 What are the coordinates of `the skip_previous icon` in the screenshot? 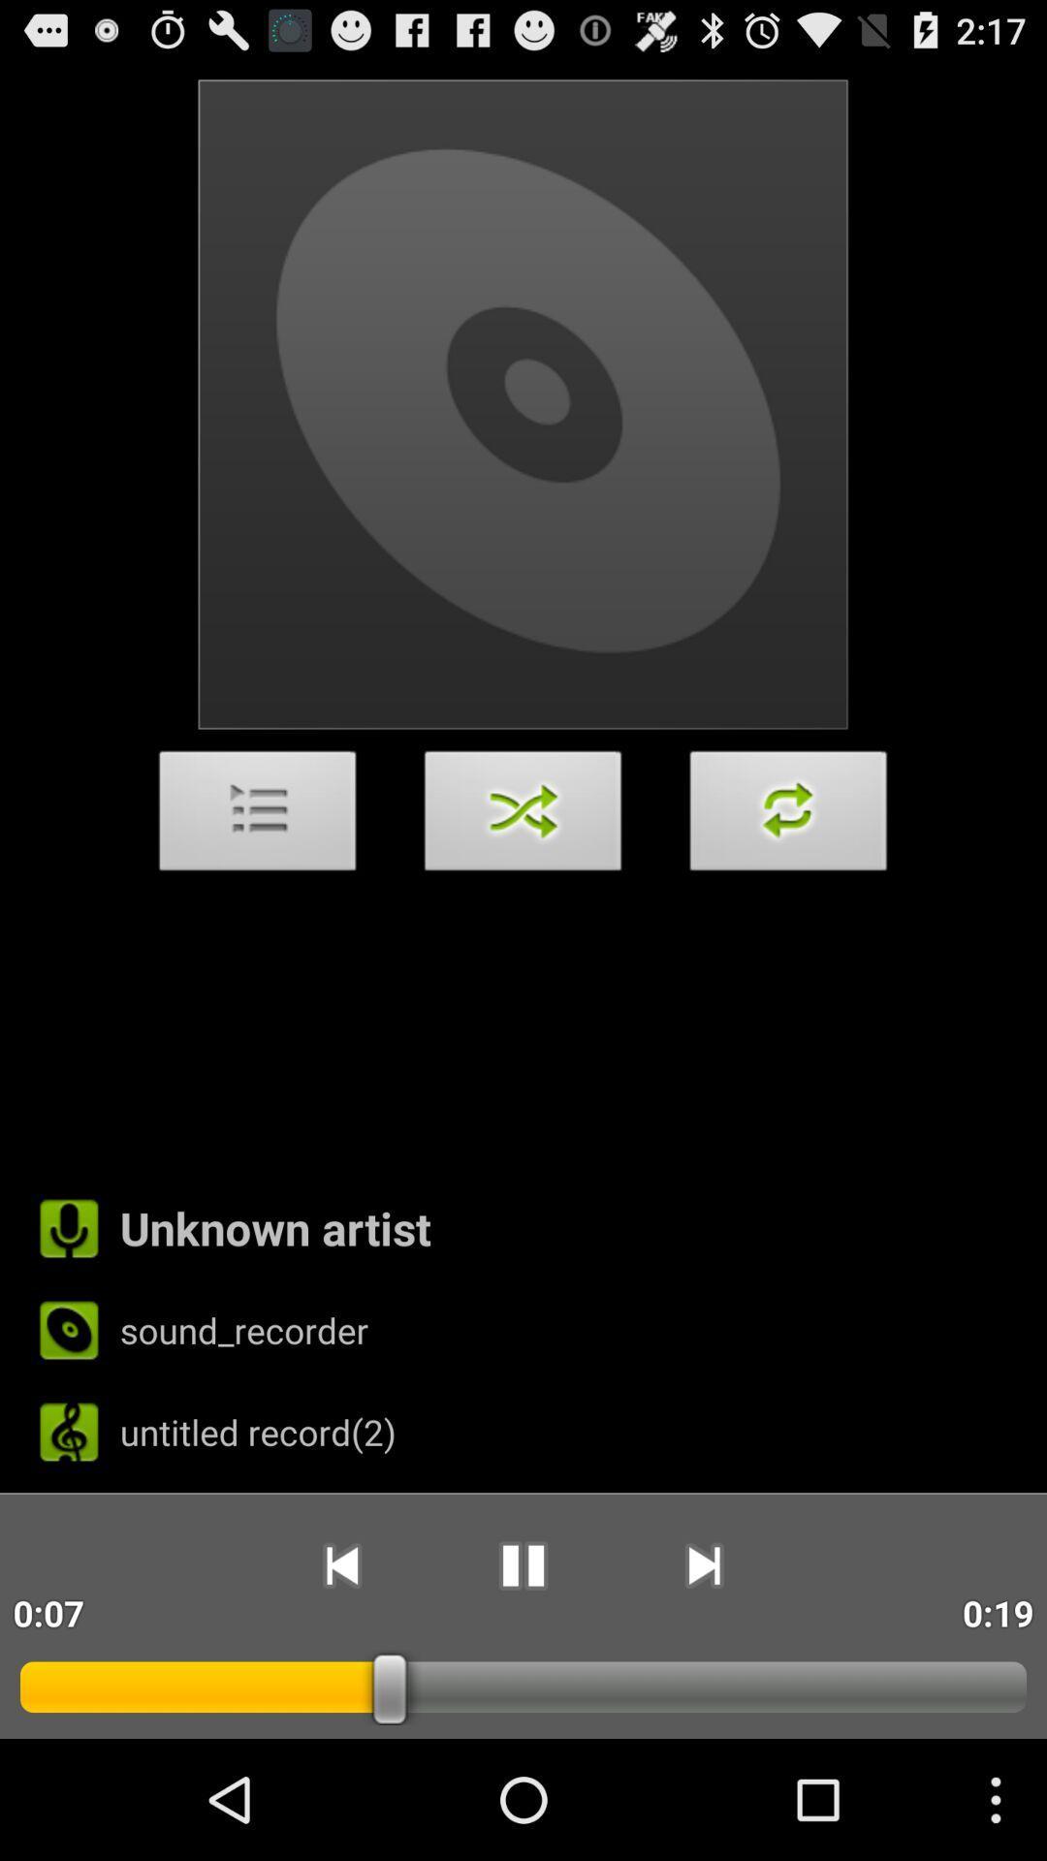 It's located at (340, 1674).